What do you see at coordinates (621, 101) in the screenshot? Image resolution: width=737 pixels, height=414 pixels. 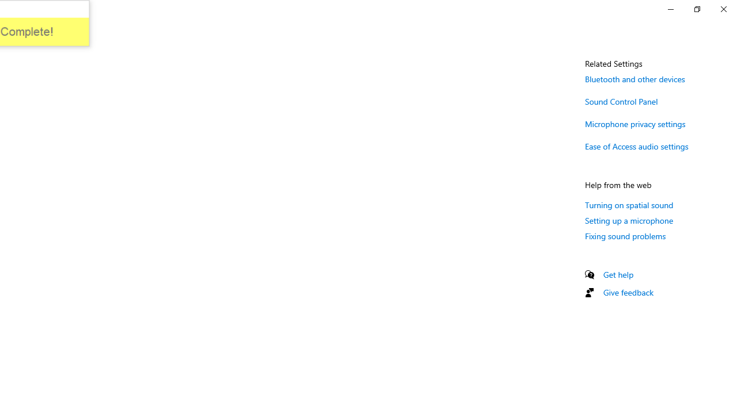 I see `'Sound Control Panel'` at bounding box center [621, 101].